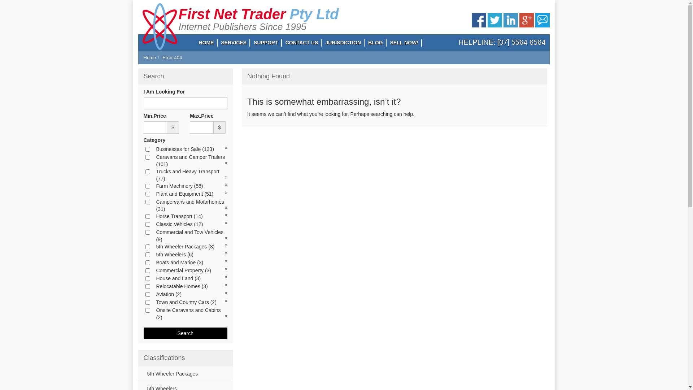 This screenshot has width=693, height=390. I want to click on 'CONTACT US', so click(302, 43).